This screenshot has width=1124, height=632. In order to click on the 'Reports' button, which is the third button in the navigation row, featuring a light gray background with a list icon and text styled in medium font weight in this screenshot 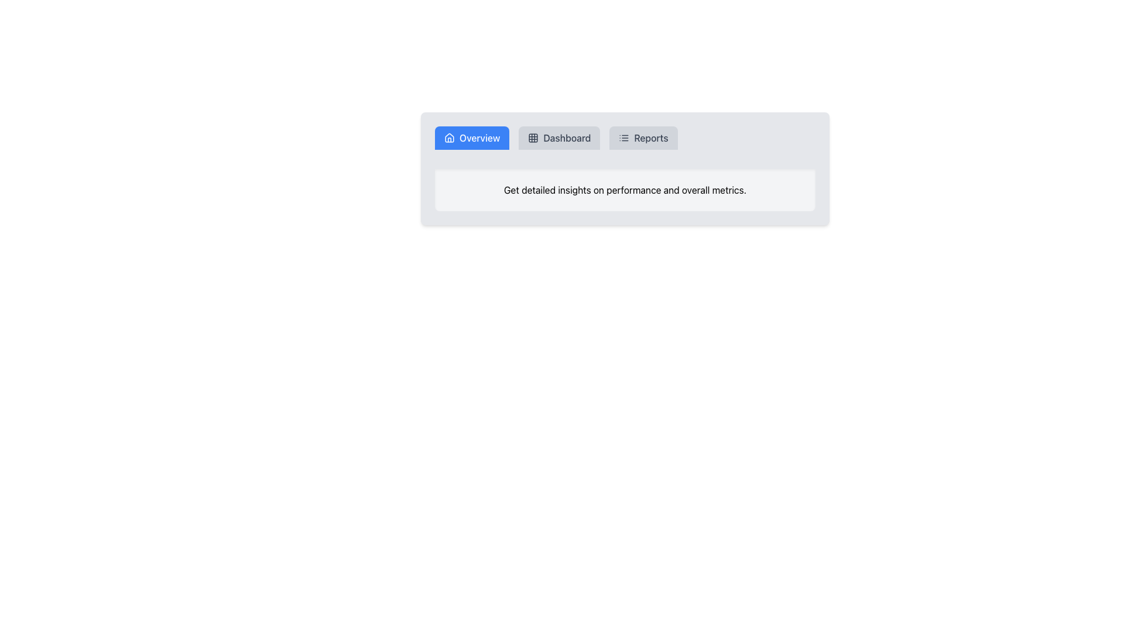, I will do `click(643, 137)`.